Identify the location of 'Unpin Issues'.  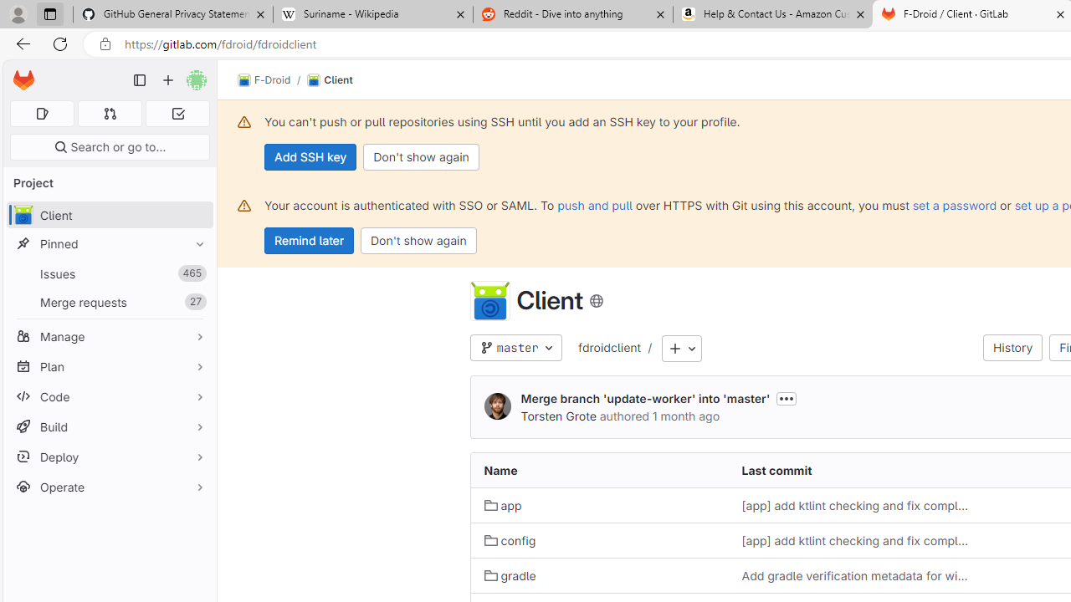
(196, 273).